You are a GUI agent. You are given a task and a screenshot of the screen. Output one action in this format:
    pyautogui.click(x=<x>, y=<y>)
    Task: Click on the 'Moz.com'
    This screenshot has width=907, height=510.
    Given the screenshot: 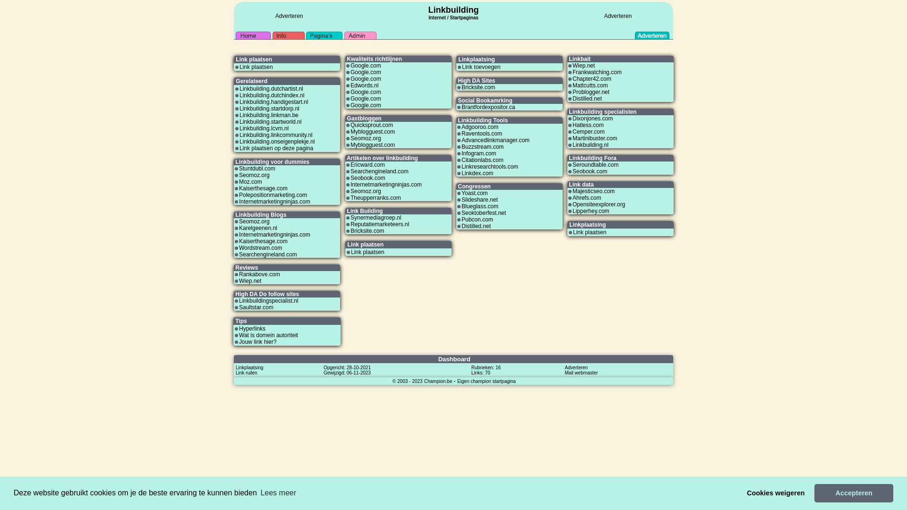 What is the action you would take?
    pyautogui.click(x=250, y=182)
    